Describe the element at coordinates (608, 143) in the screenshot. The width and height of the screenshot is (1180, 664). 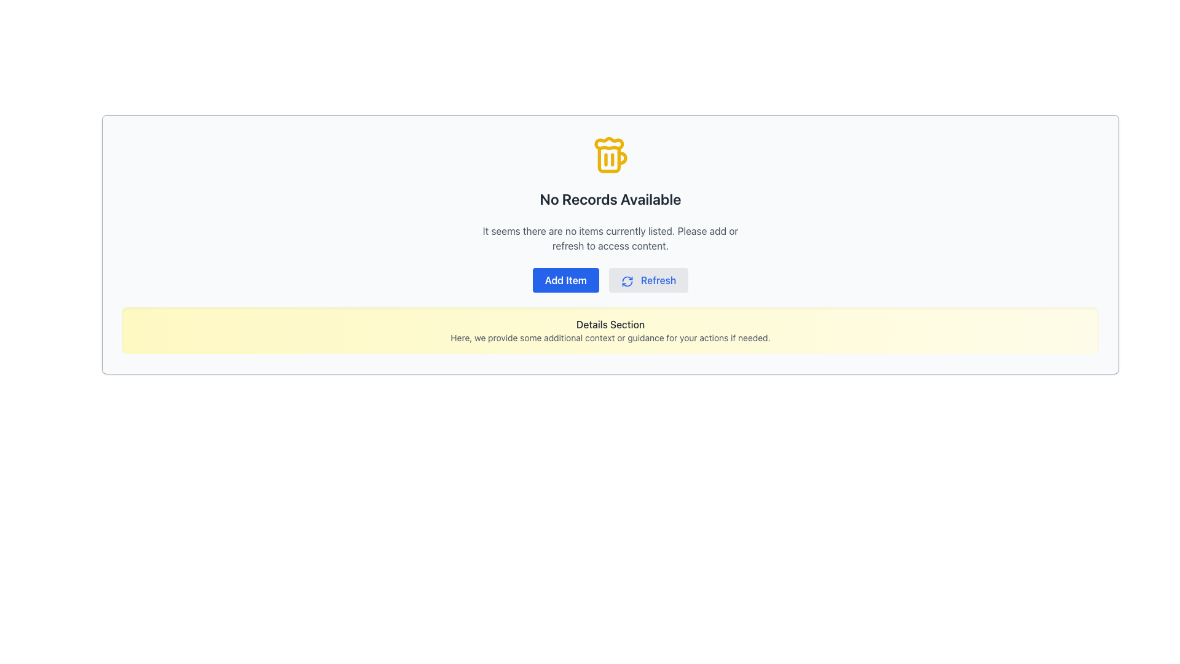
I see `the decorative graphic representing the foam at the top of the beer mug icon, which is part of an SVG and positioned centrally above the 'No Records Available' text` at that location.